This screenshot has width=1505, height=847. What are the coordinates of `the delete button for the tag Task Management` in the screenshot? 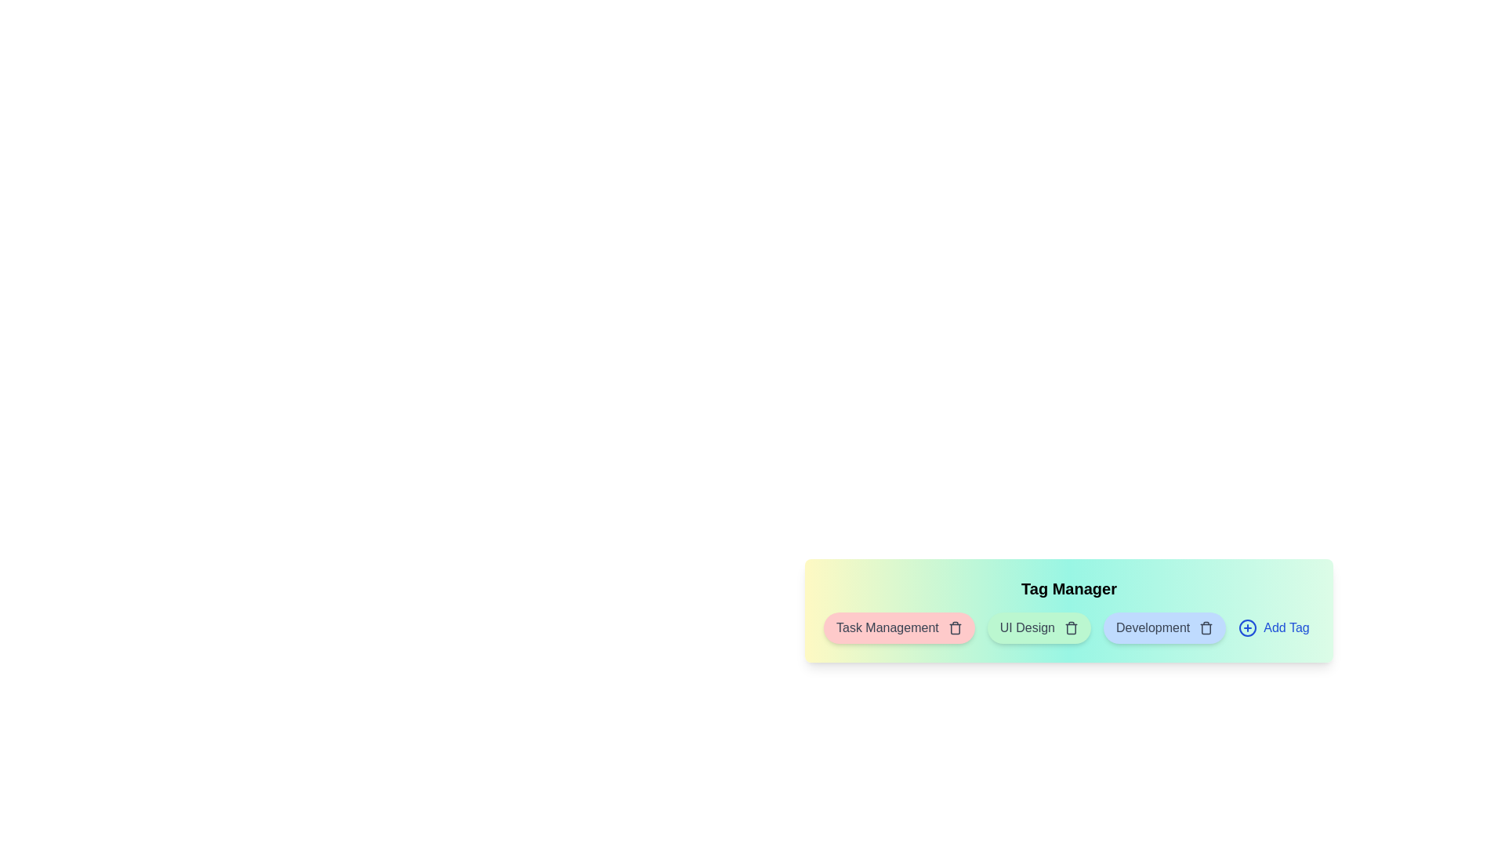 It's located at (954, 627).